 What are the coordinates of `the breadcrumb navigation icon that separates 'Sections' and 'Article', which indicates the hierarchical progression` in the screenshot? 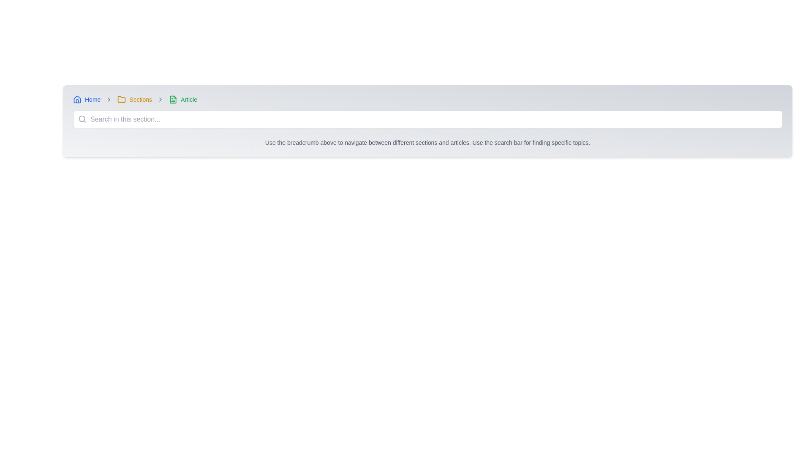 It's located at (160, 99).